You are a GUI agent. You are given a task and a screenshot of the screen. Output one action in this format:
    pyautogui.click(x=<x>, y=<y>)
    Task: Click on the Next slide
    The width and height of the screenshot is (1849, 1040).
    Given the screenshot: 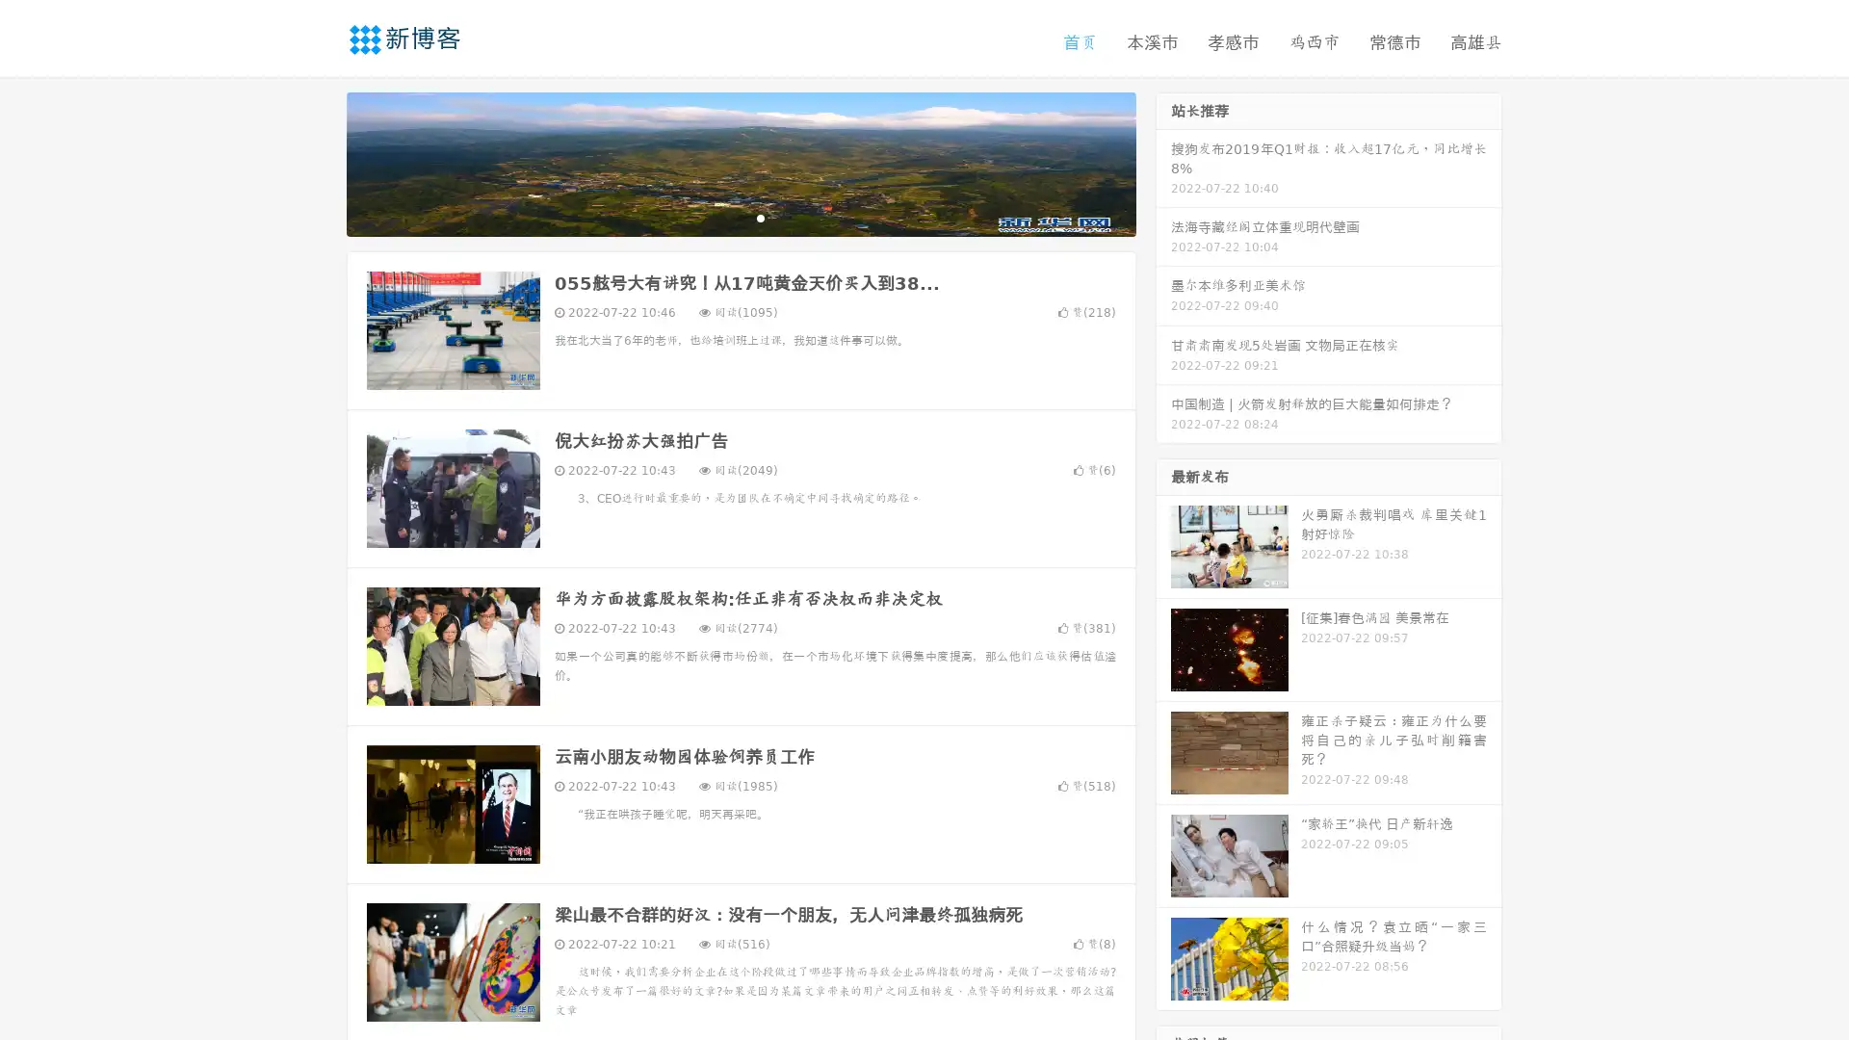 What is the action you would take?
    pyautogui.click(x=1163, y=162)
    